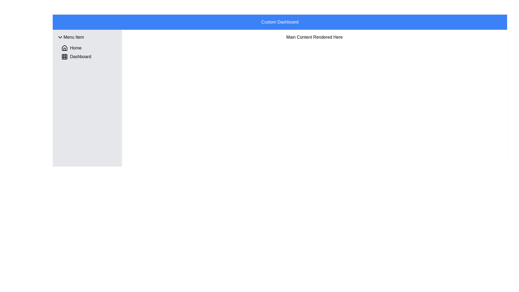  Describe the element at coordinates (76, 57) in the screenshot. I see `the navigation button located in the left-hand side navigation bar beneath the 'Home' menu item` at that location.